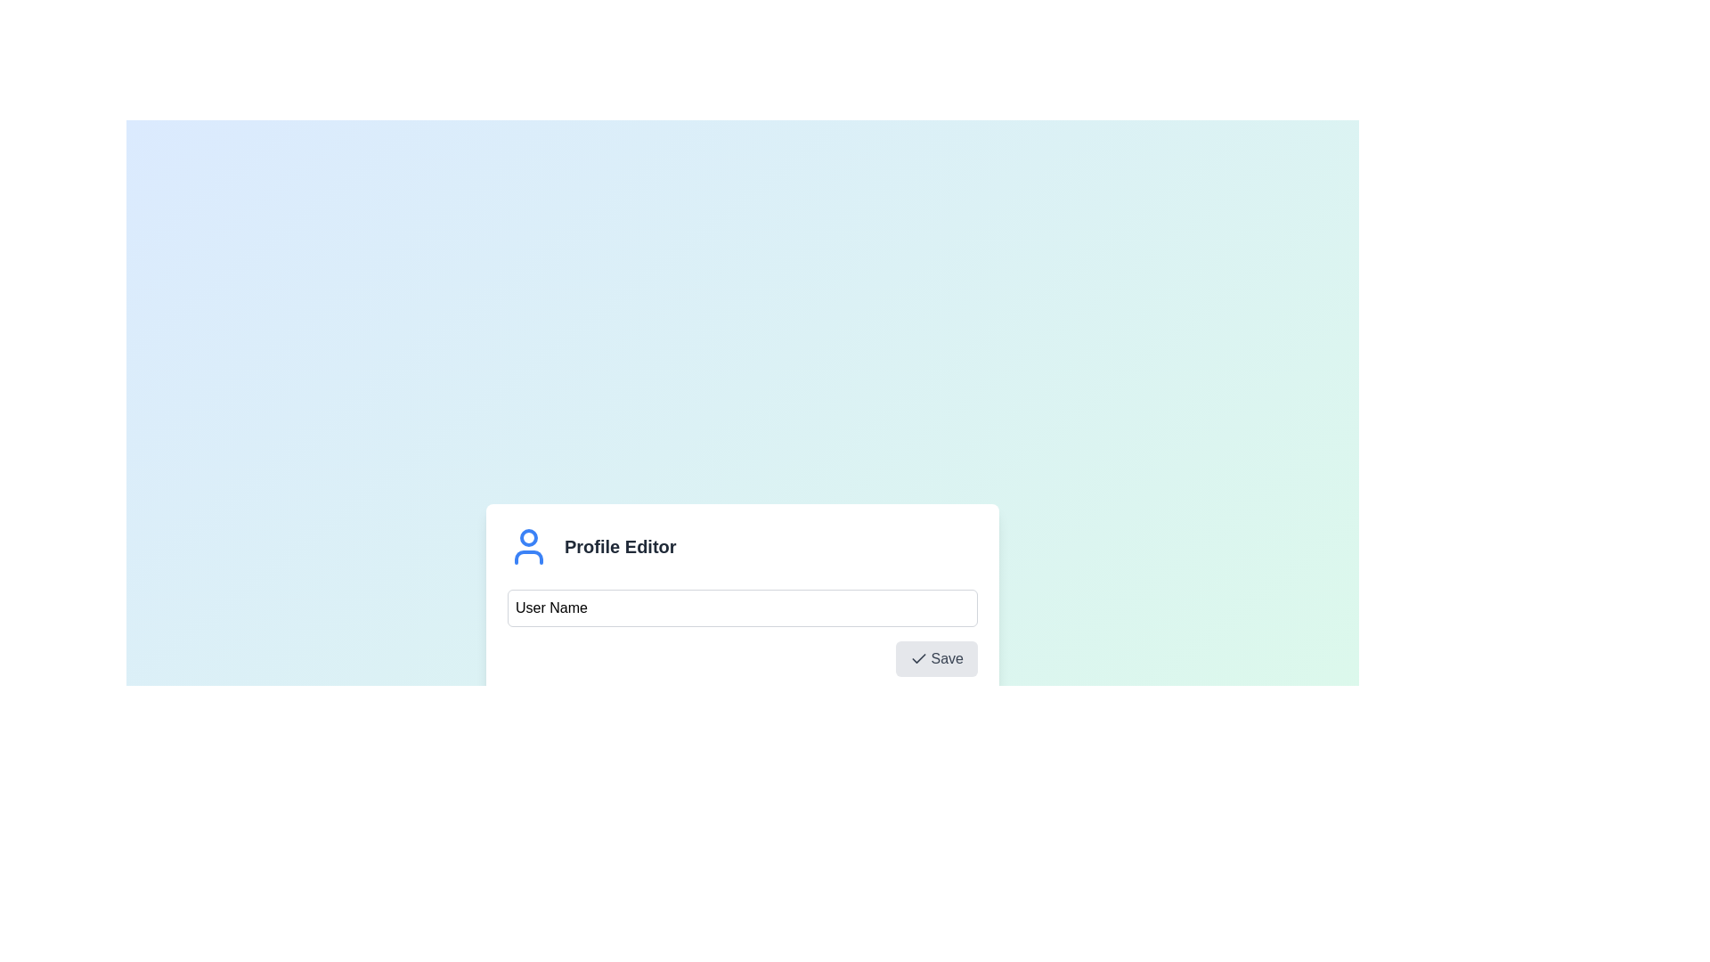 The height and width of the screenshot is (962, 1710). What do you see at coordinates (528, 537) in the screenshot?
I see `the SVG Circle that represents the user's head in the profile icon, which is located above the text 'Profile Editor'` at bounding box center [528, 537].